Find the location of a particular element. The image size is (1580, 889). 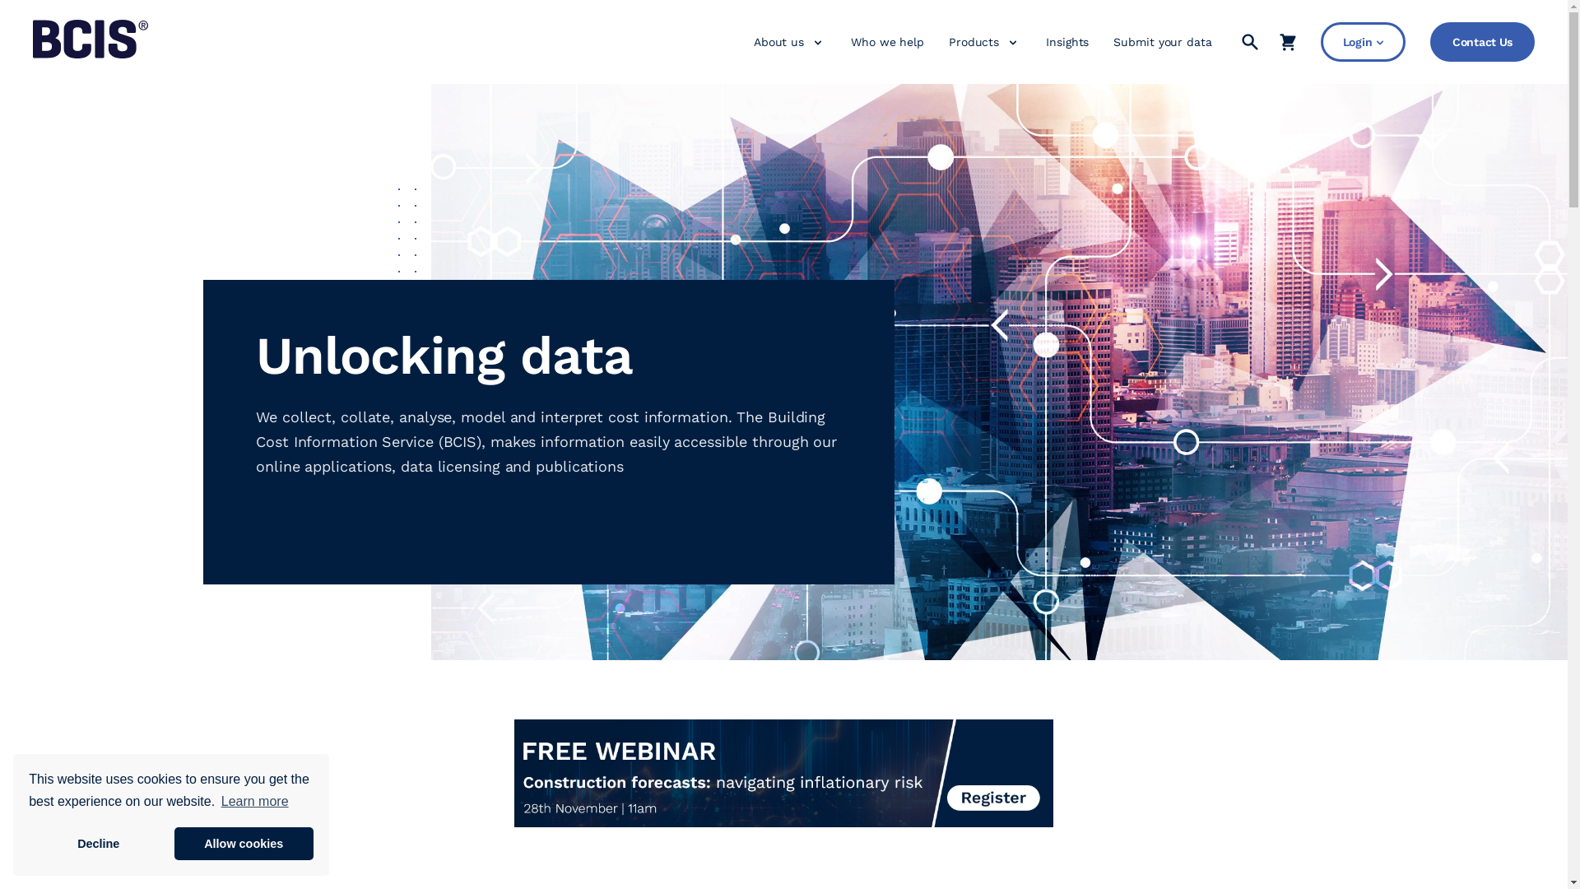

'Who we help' is located at coordinates (850, 40).